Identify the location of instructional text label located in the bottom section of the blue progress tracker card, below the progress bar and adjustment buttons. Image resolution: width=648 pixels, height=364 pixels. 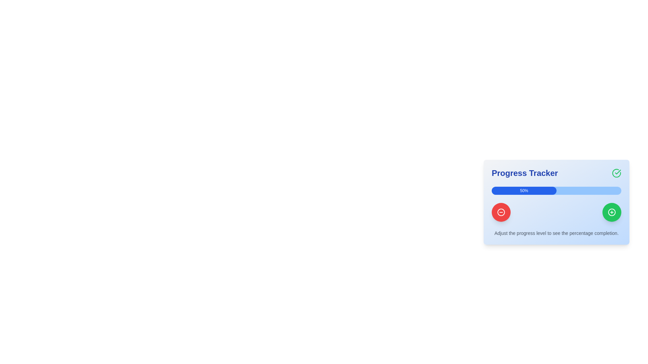
(557, 233).